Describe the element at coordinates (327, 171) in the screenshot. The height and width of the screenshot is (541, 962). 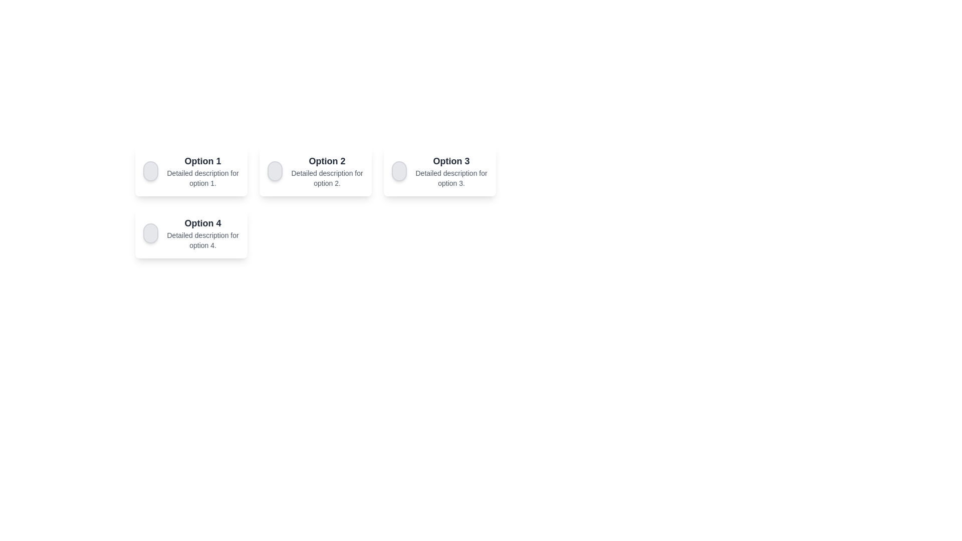
I see `the composite text display element that presents the title and description for the second option in the selection interface` at that location.